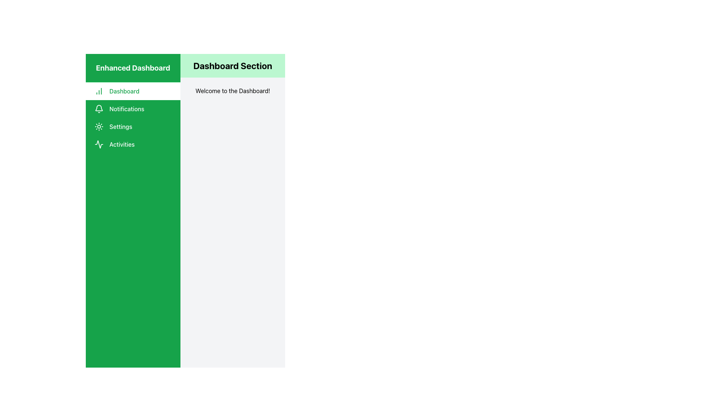 The image size is (710, 399). I want to click on the 'Settings' icon located in the third row of the left green sidebar, which is aligned to the left of the 'Settings' label, so click(99, 126).